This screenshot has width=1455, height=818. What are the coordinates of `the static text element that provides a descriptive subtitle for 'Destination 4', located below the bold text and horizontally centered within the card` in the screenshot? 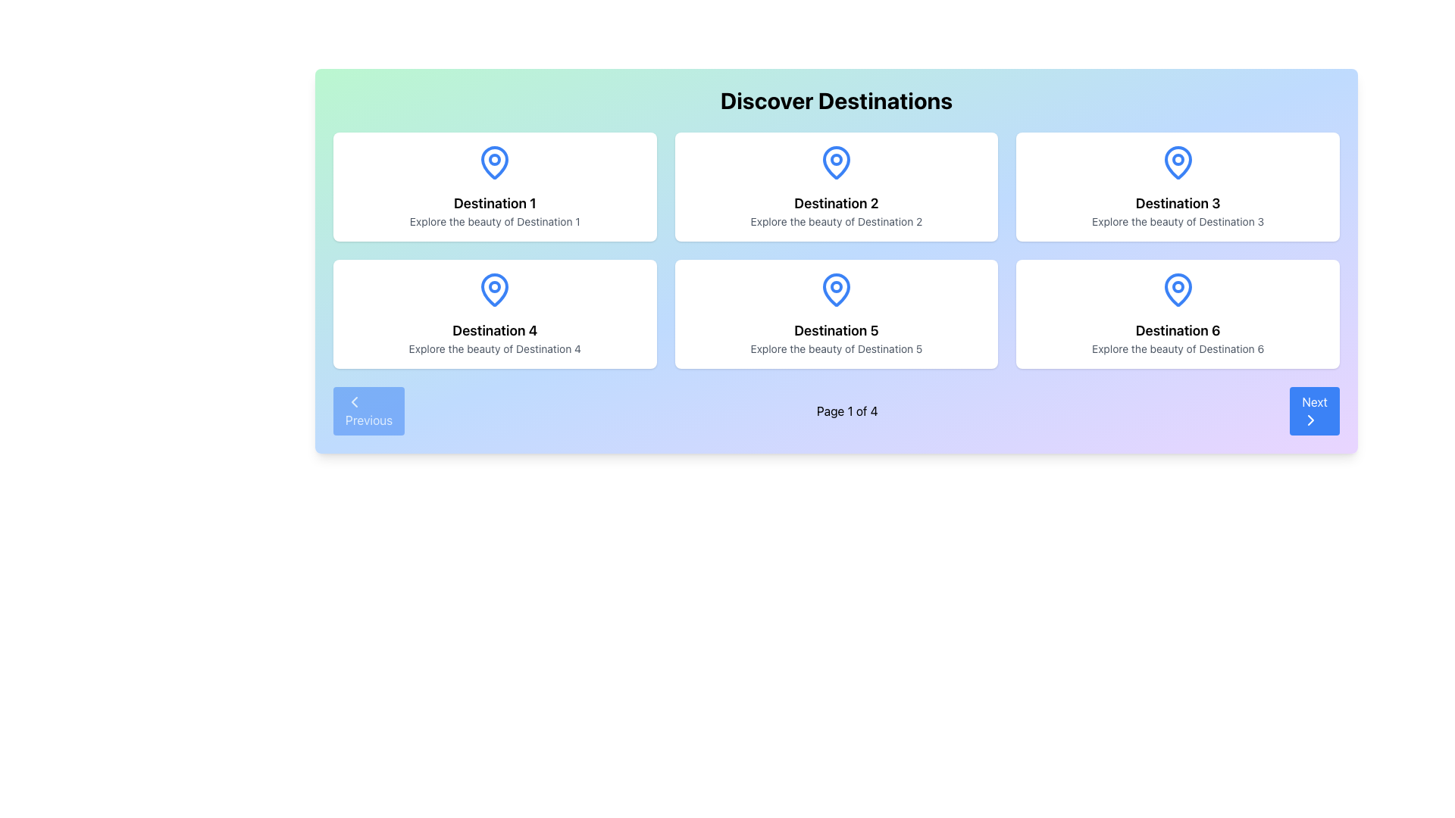 It's located at (495, 349).